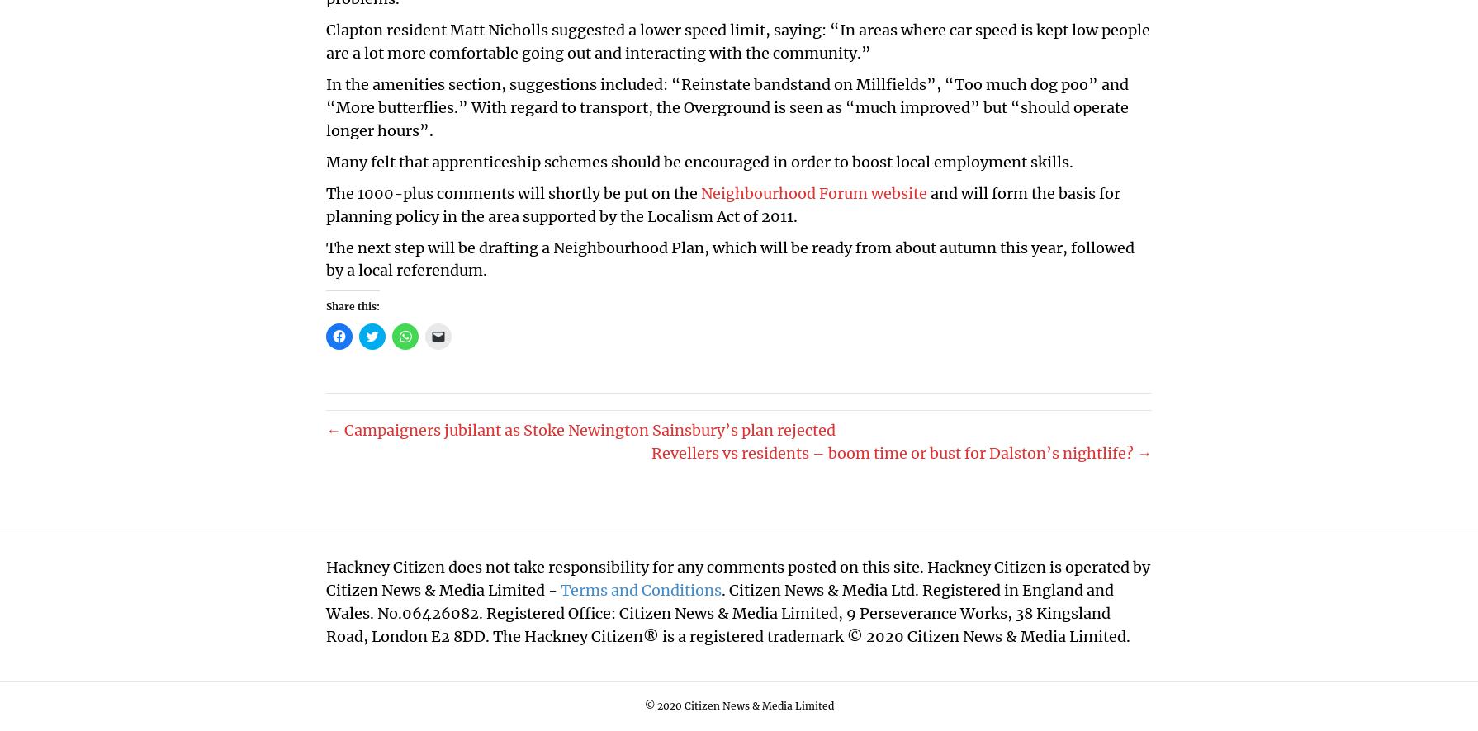  What do you see at coordinates (580, 428) in the screenshot?
I see `'← Campaigners jubilant as Stoke Newington Sainsbury’s plan rejected'` at bounding box center [580, 428].